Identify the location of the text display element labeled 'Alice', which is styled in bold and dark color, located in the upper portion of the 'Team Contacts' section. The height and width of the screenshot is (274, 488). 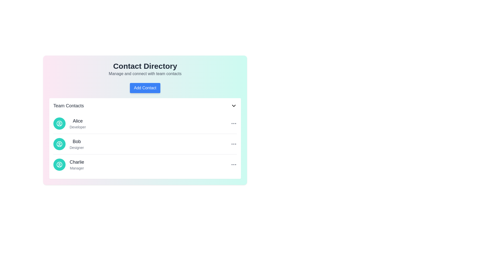
(77, 121).